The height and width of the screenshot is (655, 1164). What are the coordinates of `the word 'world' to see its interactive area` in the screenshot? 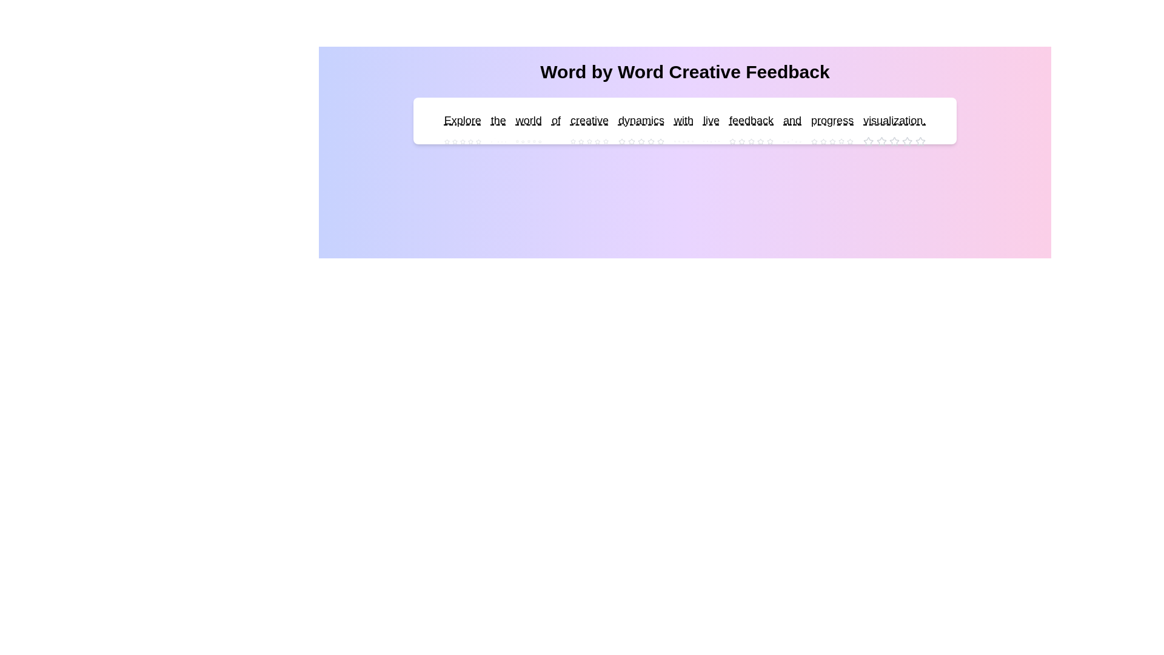 It's located at (529, 121).